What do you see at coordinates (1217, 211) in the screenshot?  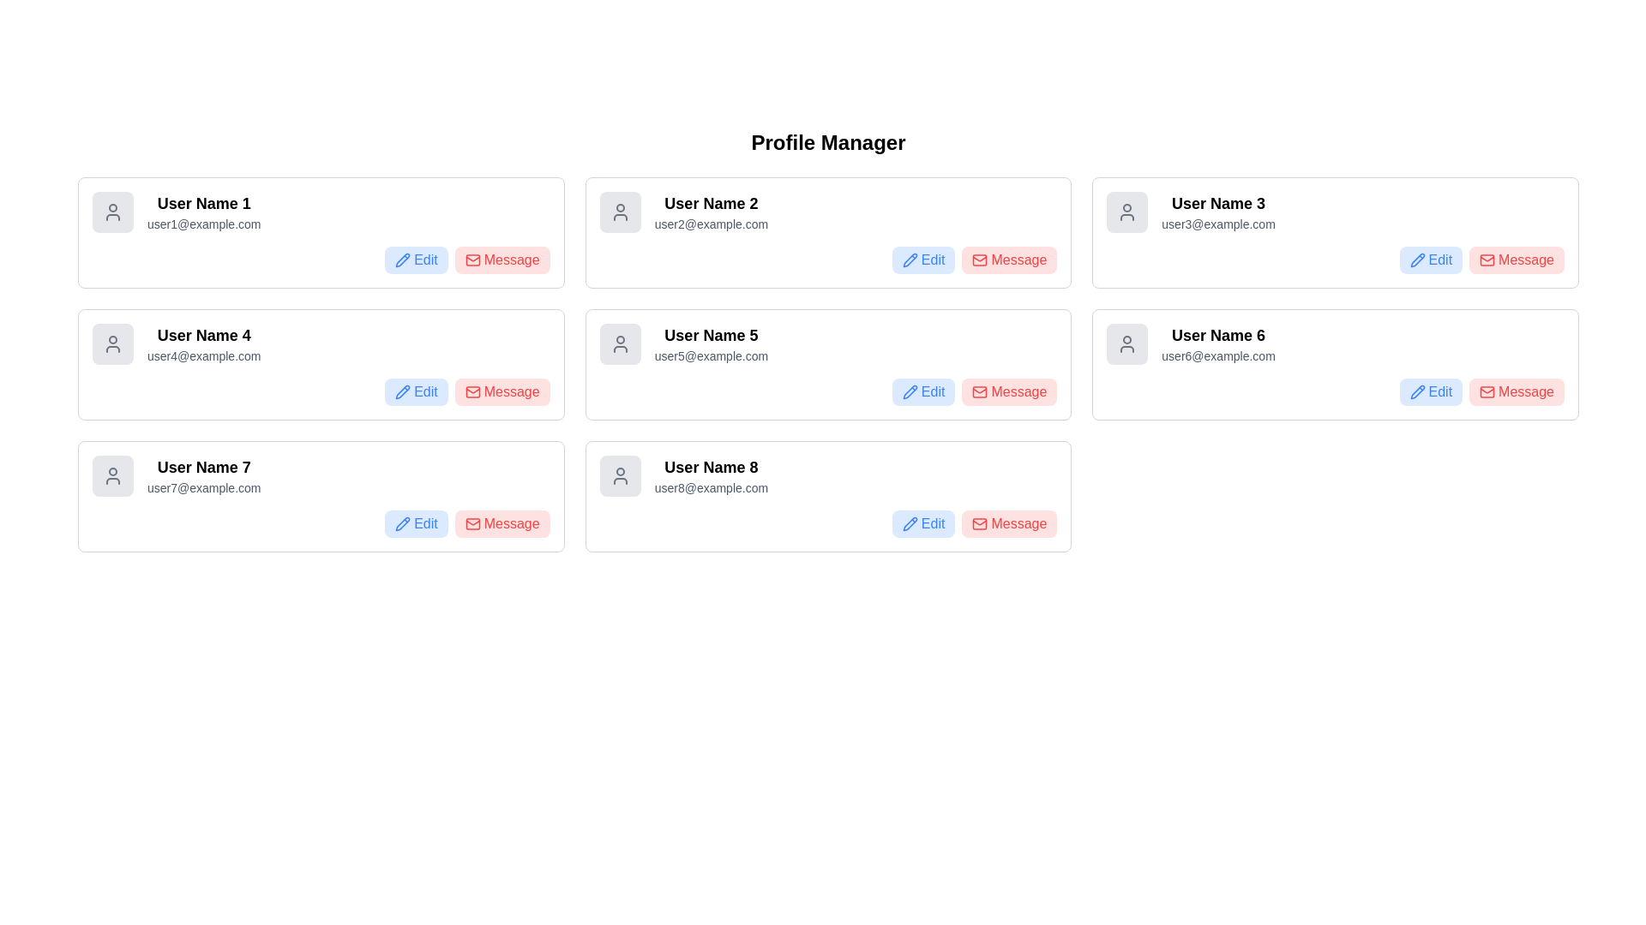 I see `the static text displaying user identification information, which includes the user's name and email address, located in the top right corner of the grid layout` at bounding box center [1217, 211].